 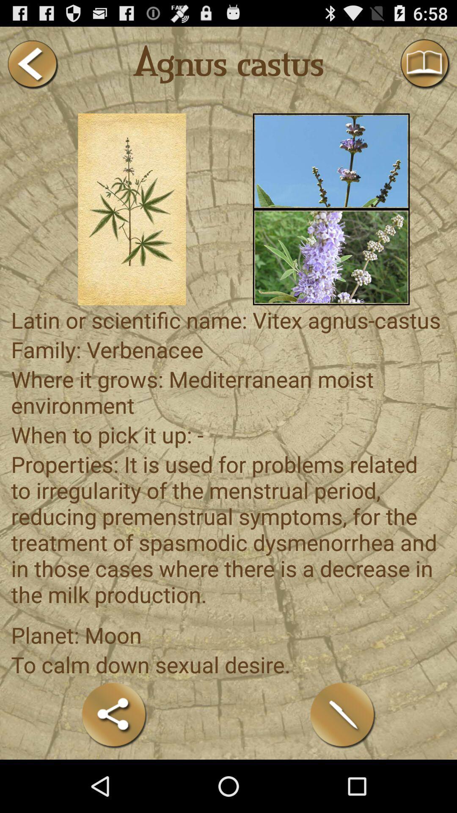 I want to click on share menu, so click(x=114, y=715).